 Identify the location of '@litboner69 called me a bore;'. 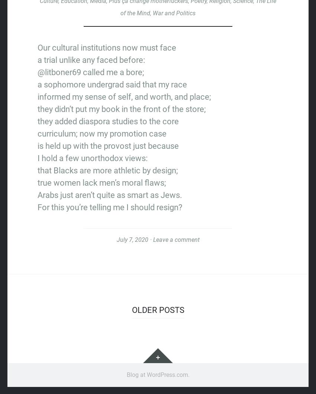
(91, 71).